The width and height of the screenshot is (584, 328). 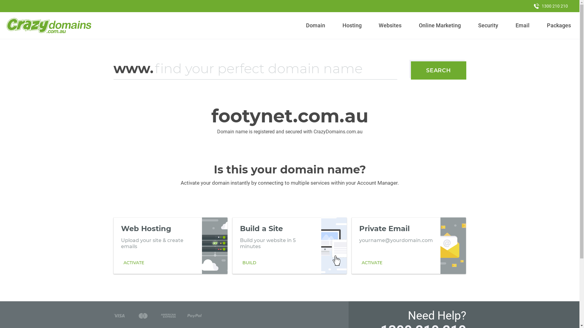 I want to click on '1300 210 210', so click(x=551, y=6).